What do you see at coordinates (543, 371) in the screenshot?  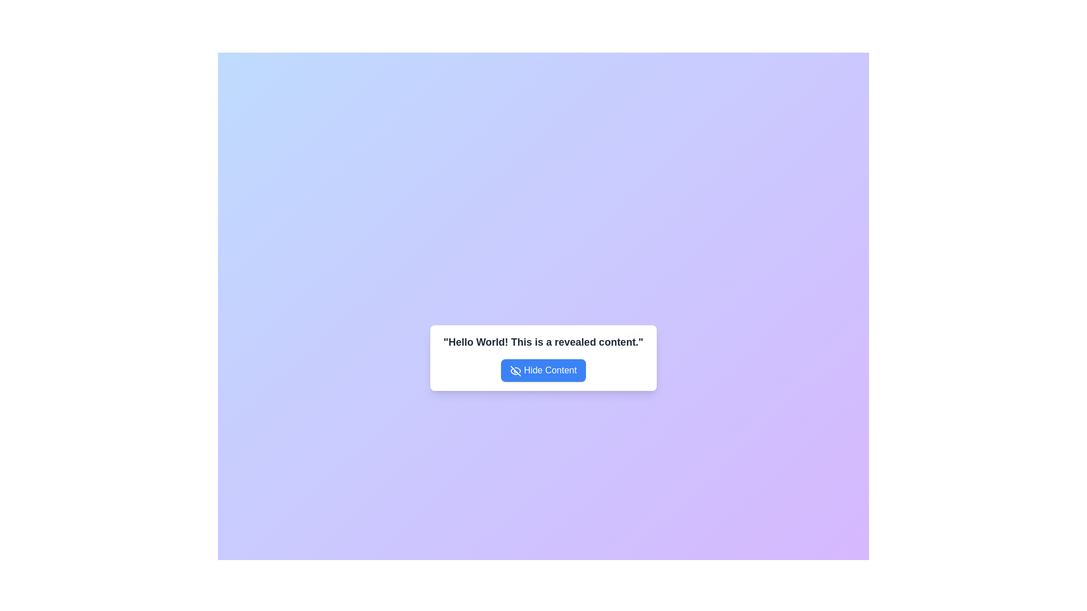 I see `the button located below the text area that reads 'Hello World! This is a revealed content.' to hide the currently visible content` at bounding box center [543, 371].